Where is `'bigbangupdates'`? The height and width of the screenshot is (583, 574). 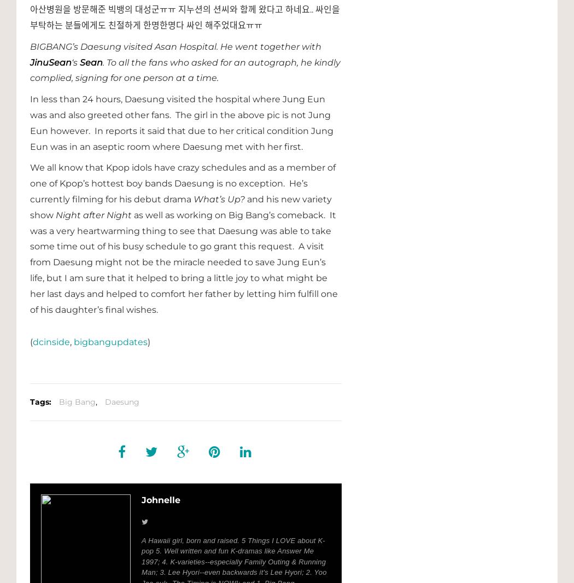
'bigbangupdates' is located at coordinates (110, 341).